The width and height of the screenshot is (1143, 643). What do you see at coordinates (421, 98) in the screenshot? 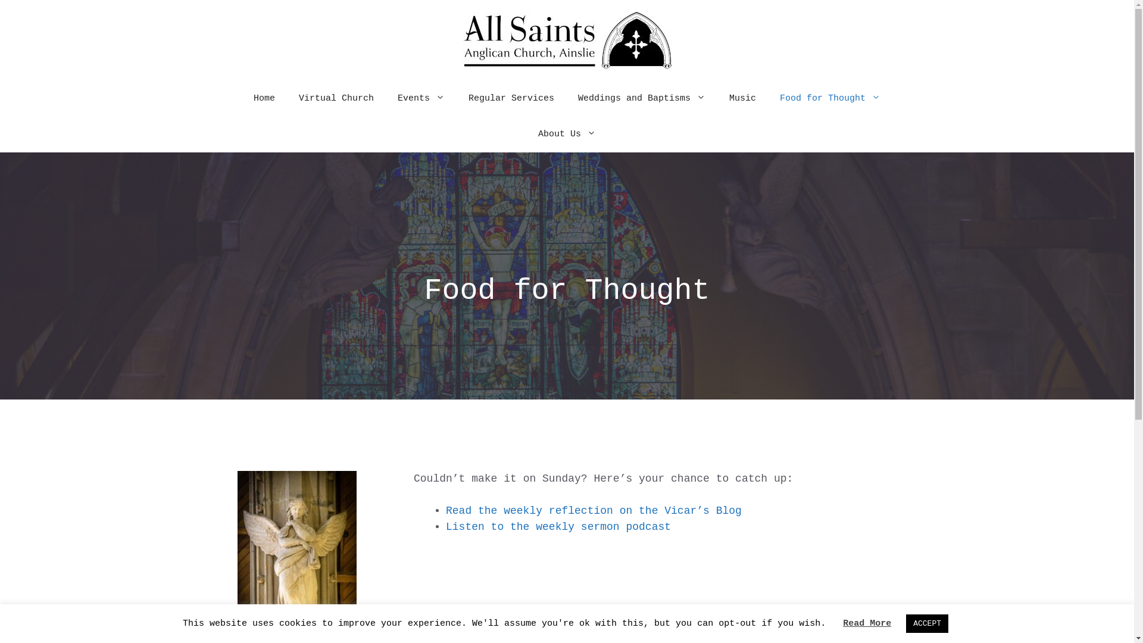
I see `'Events'` at bounding box center [421, 98].